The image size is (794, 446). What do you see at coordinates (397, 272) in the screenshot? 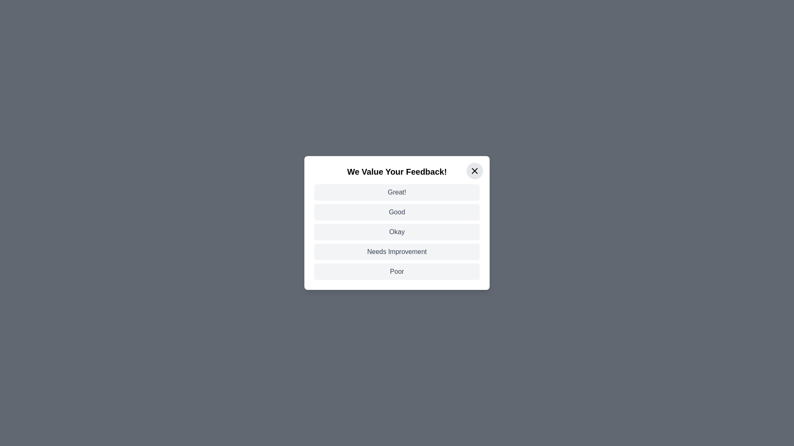
I see `the feedback option Poor` at bounding box center [397, 272].